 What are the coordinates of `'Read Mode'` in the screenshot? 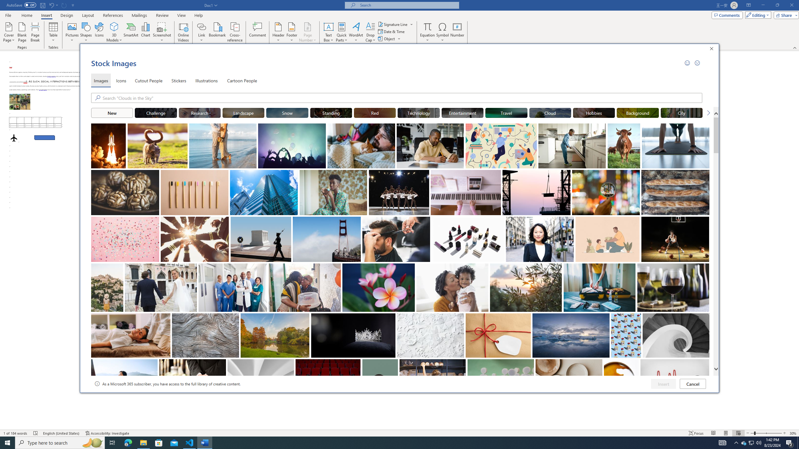 It's located at (713, 433).